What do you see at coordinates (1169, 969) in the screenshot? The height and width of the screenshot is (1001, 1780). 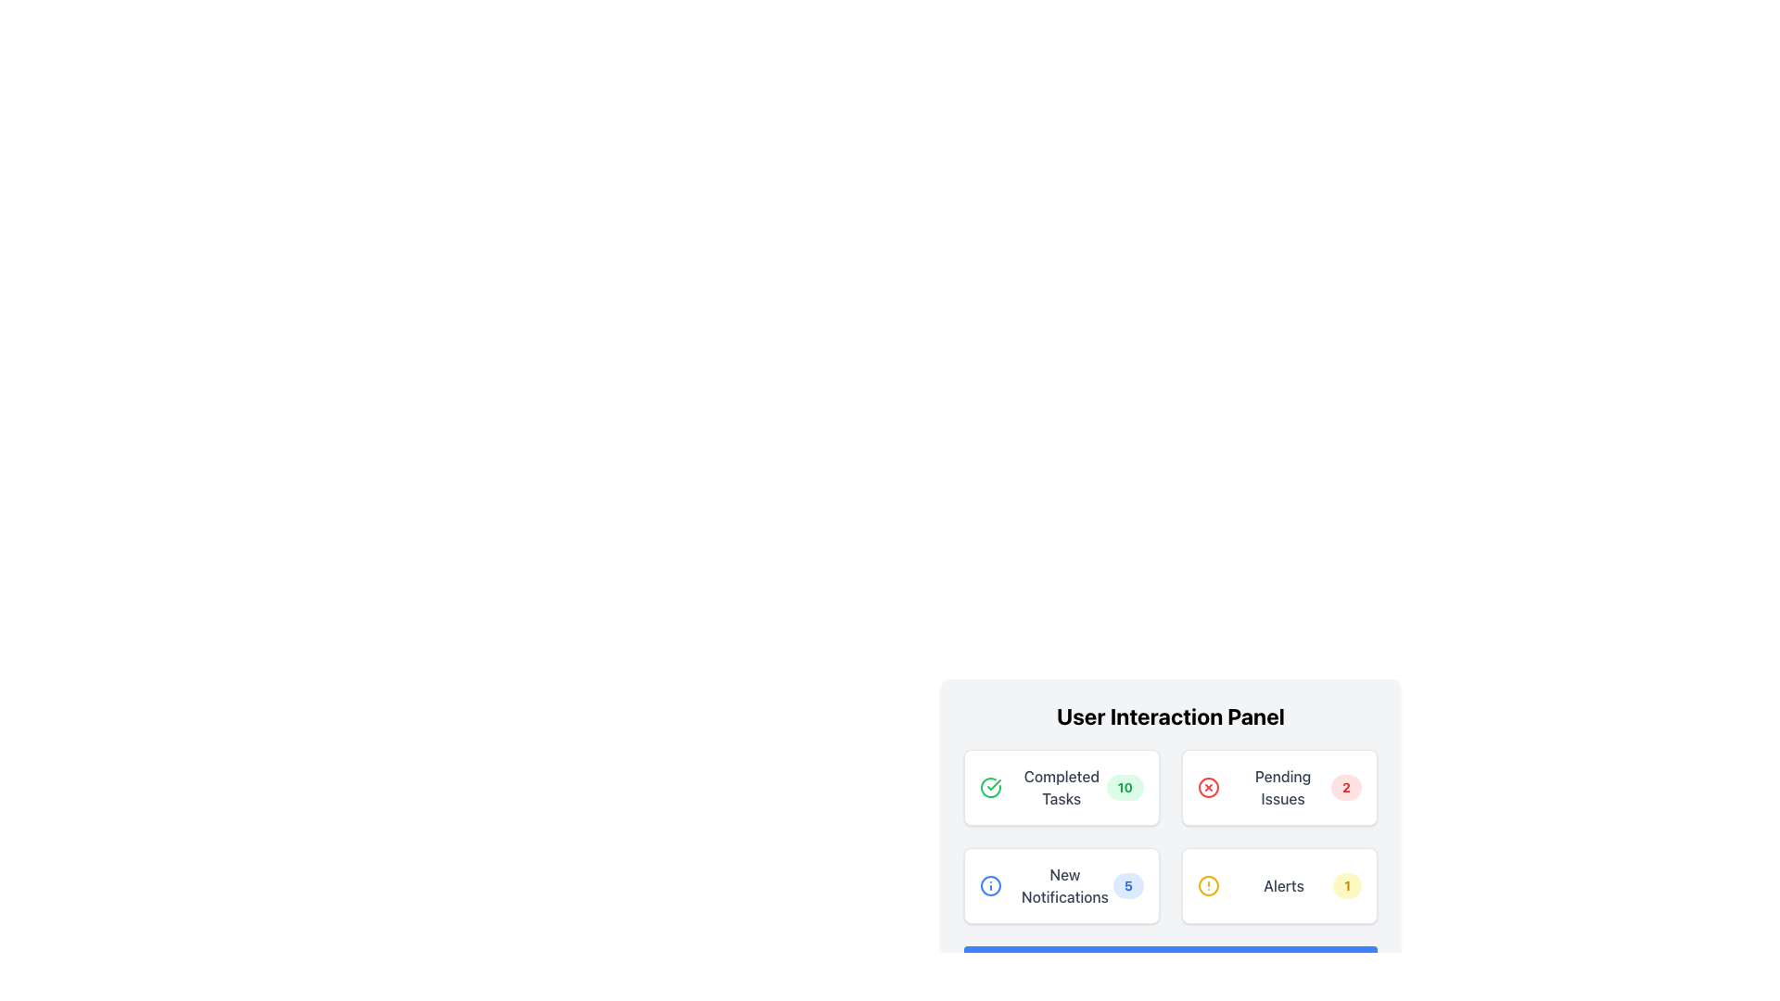 I see `the button located at the bottom of the 'User Interaction Panel'` at bounding box center [1169, 969].